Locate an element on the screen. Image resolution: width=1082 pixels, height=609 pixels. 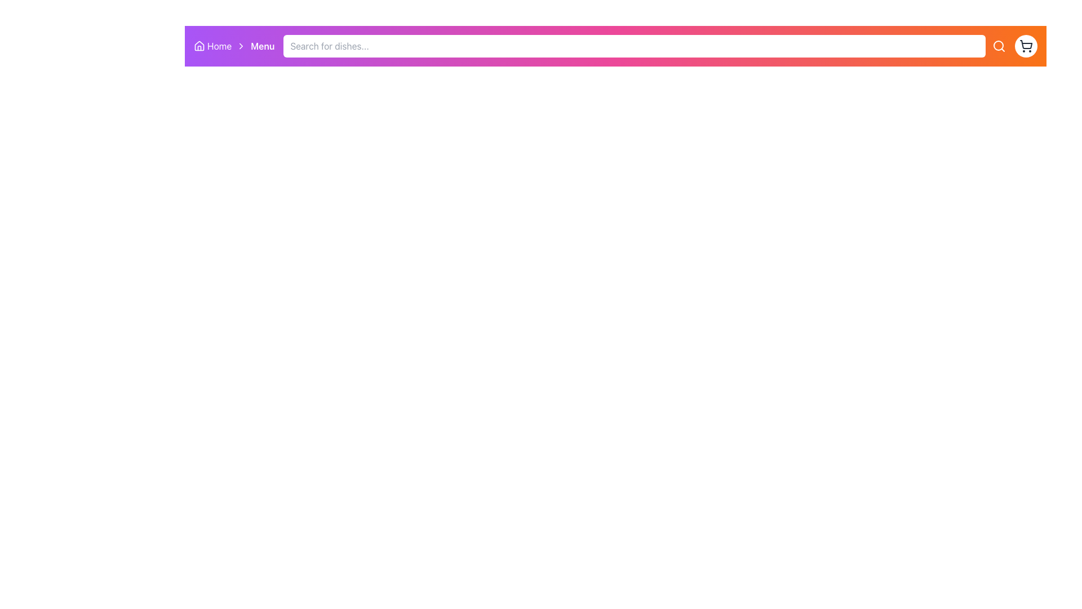
the 'Home' icon in the top-left section of the navigation bar, which serves as a visual representation for navigating to the homepage is located at coordinates (199, 45).